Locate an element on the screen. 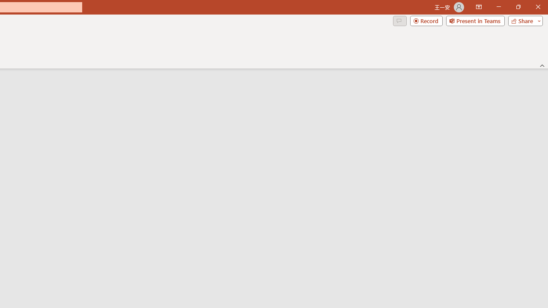 The width and height of the screenshot is (548, 308). 'Present in Teams' is located at coordinates (475, 20).